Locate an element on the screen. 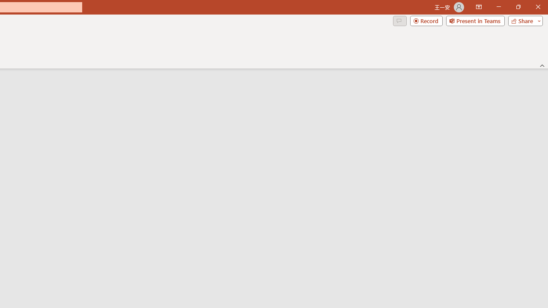 The width and height of the screenshot is (548, 308). 'Present in Teams' is located at coordinates (475, 20).